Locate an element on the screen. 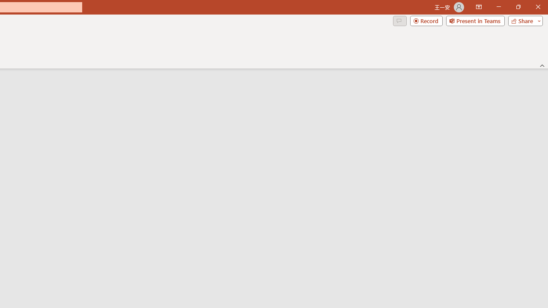 The width and height of the screenshot is (548, 308). 'Present in Teams' is located at coordinates (475, 20).